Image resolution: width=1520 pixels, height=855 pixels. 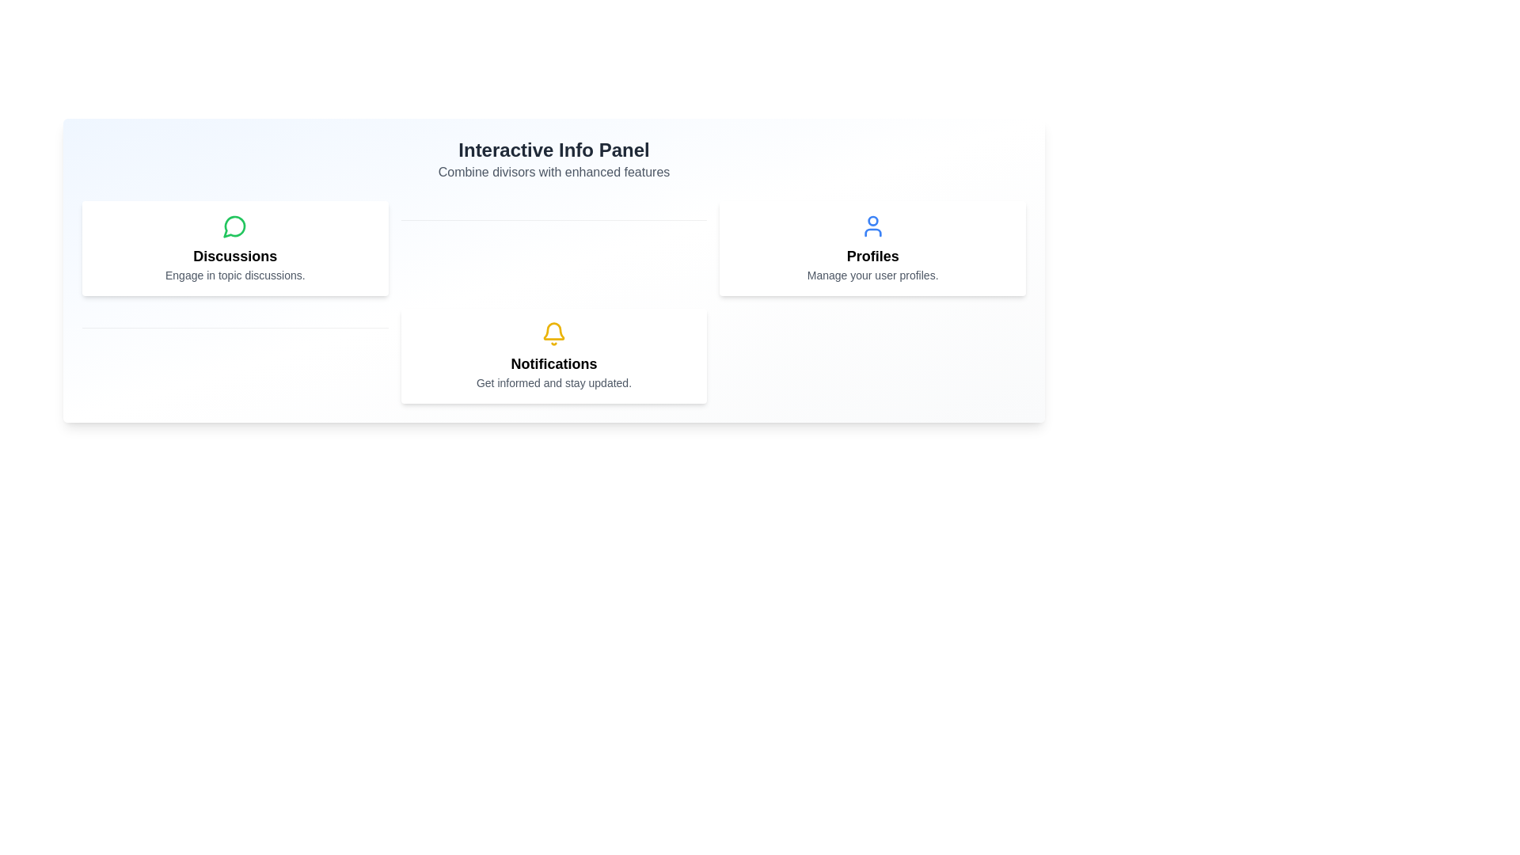 I want to click on the Discussions icon located at the top-left corner of the Discussions card, so click(x=234, y=226).